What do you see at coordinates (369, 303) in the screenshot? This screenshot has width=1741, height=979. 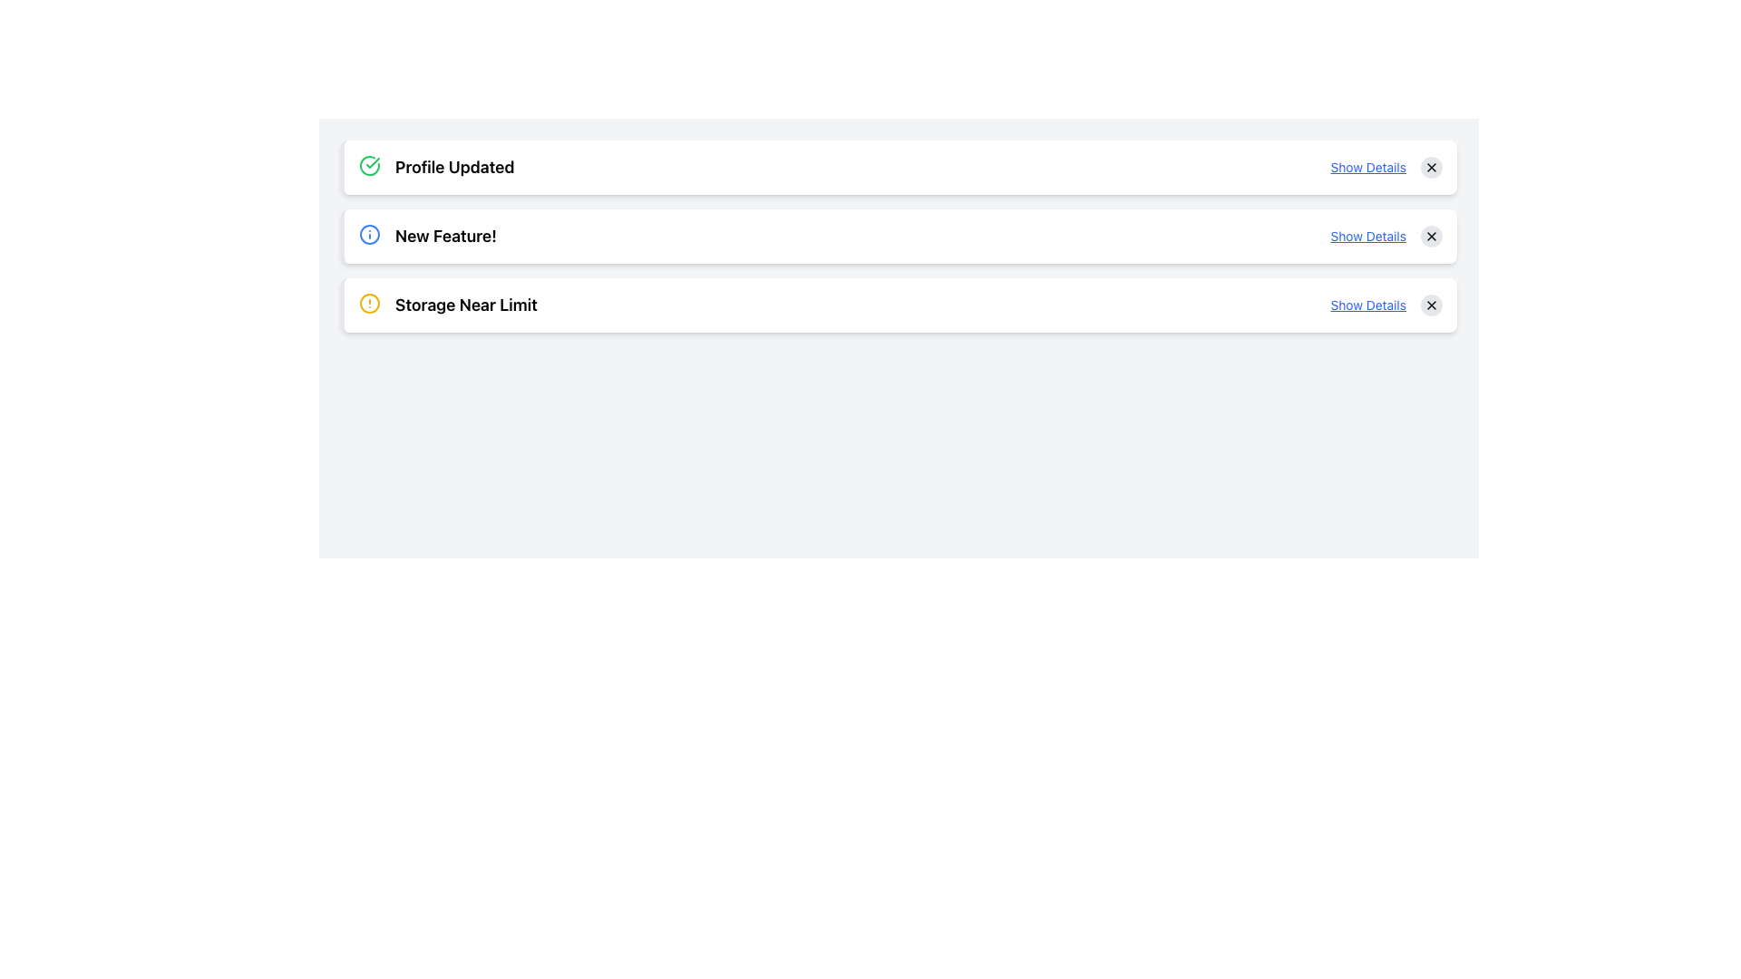 I see `the warning icon indicating 'Storage Near Limit' located in the third notification section from the top, positioned to the left of the text content` at bounding box center [369, 303].